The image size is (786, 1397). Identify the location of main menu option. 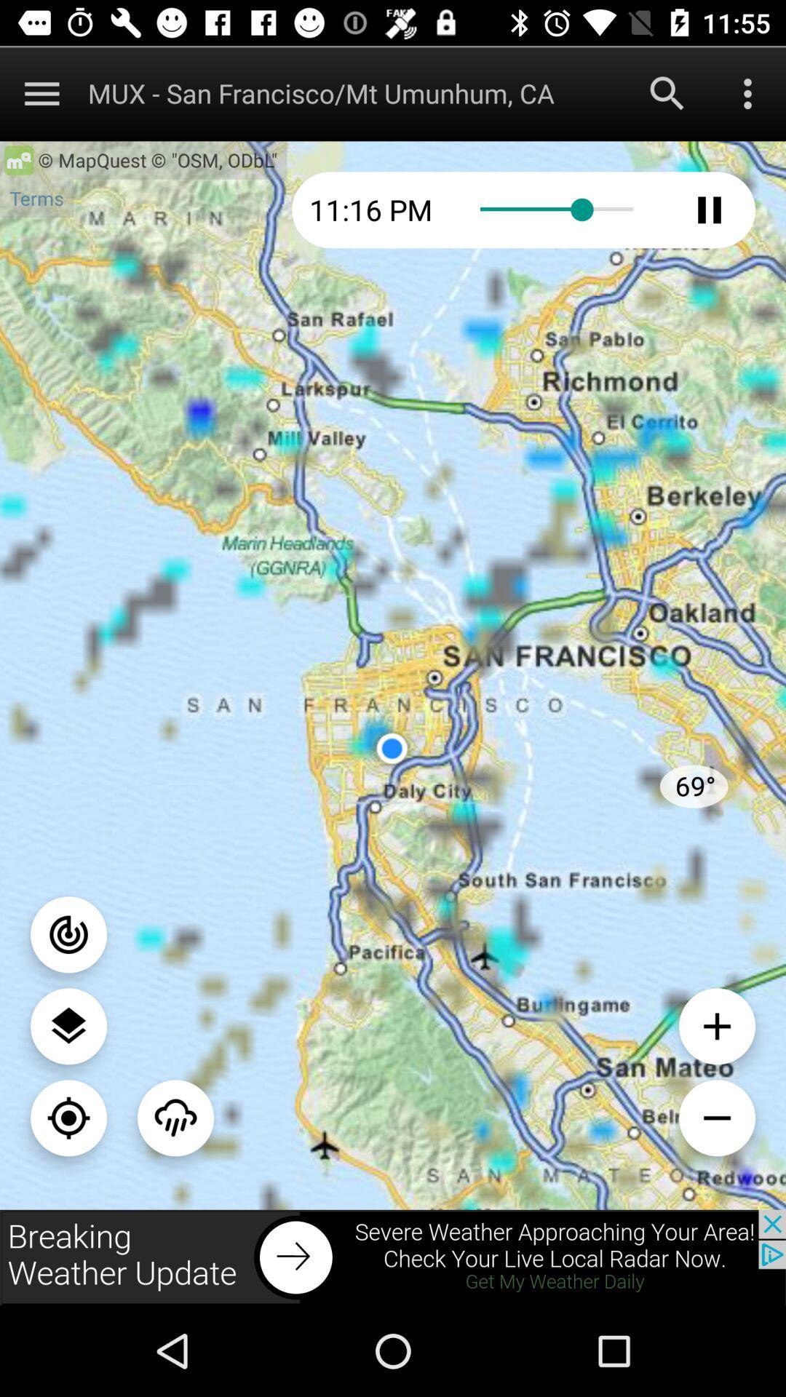
(41, 92).